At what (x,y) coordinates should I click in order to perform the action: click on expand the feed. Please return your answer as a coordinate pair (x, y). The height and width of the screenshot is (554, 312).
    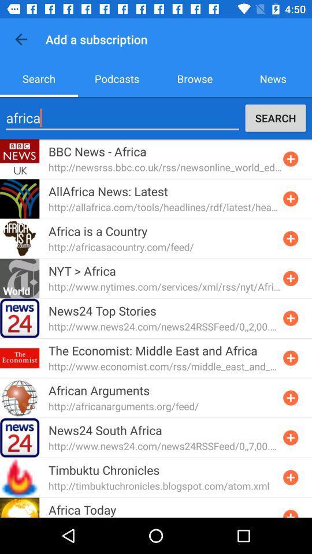
    Looking at the image, I should click on (290, 238).